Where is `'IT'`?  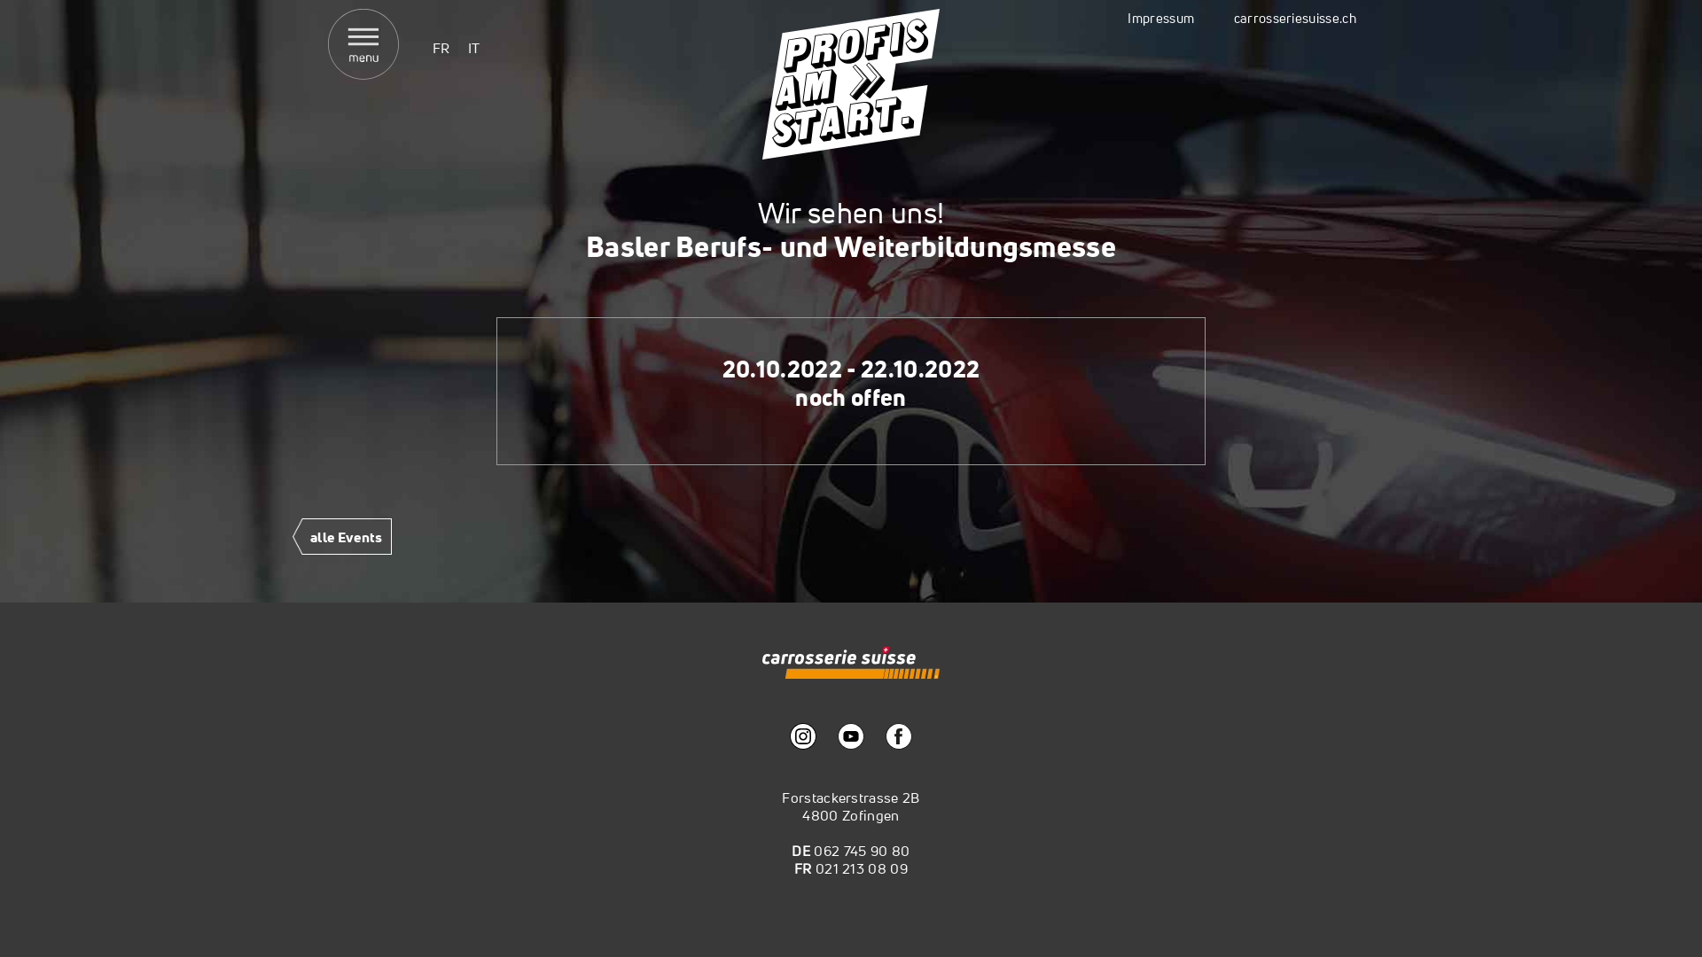
'IT' is located at coordinates (473, 47).